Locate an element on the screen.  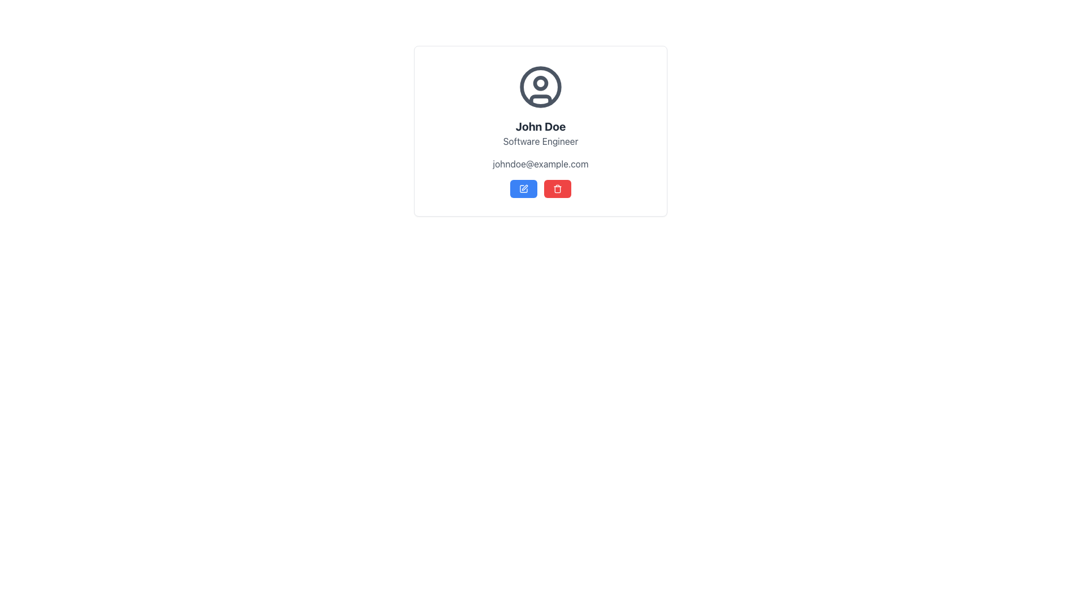
the red trash bin icon located within a rounded red button beside a blue button, near the bottom of the user card for John Doe is located at coordinates (557, 188).